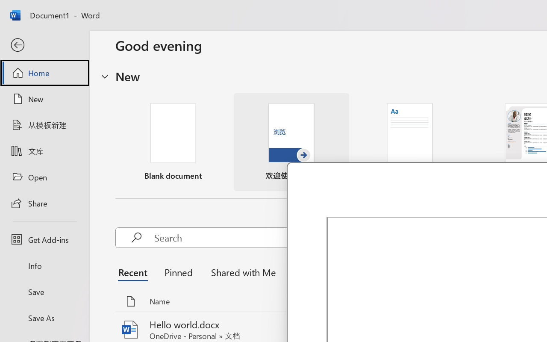 This screenshot has height=342, width=547. What do you see at coordinates (135, 271) in the screenshot?
I see `'Recent'` at bounding box center [135, 271].